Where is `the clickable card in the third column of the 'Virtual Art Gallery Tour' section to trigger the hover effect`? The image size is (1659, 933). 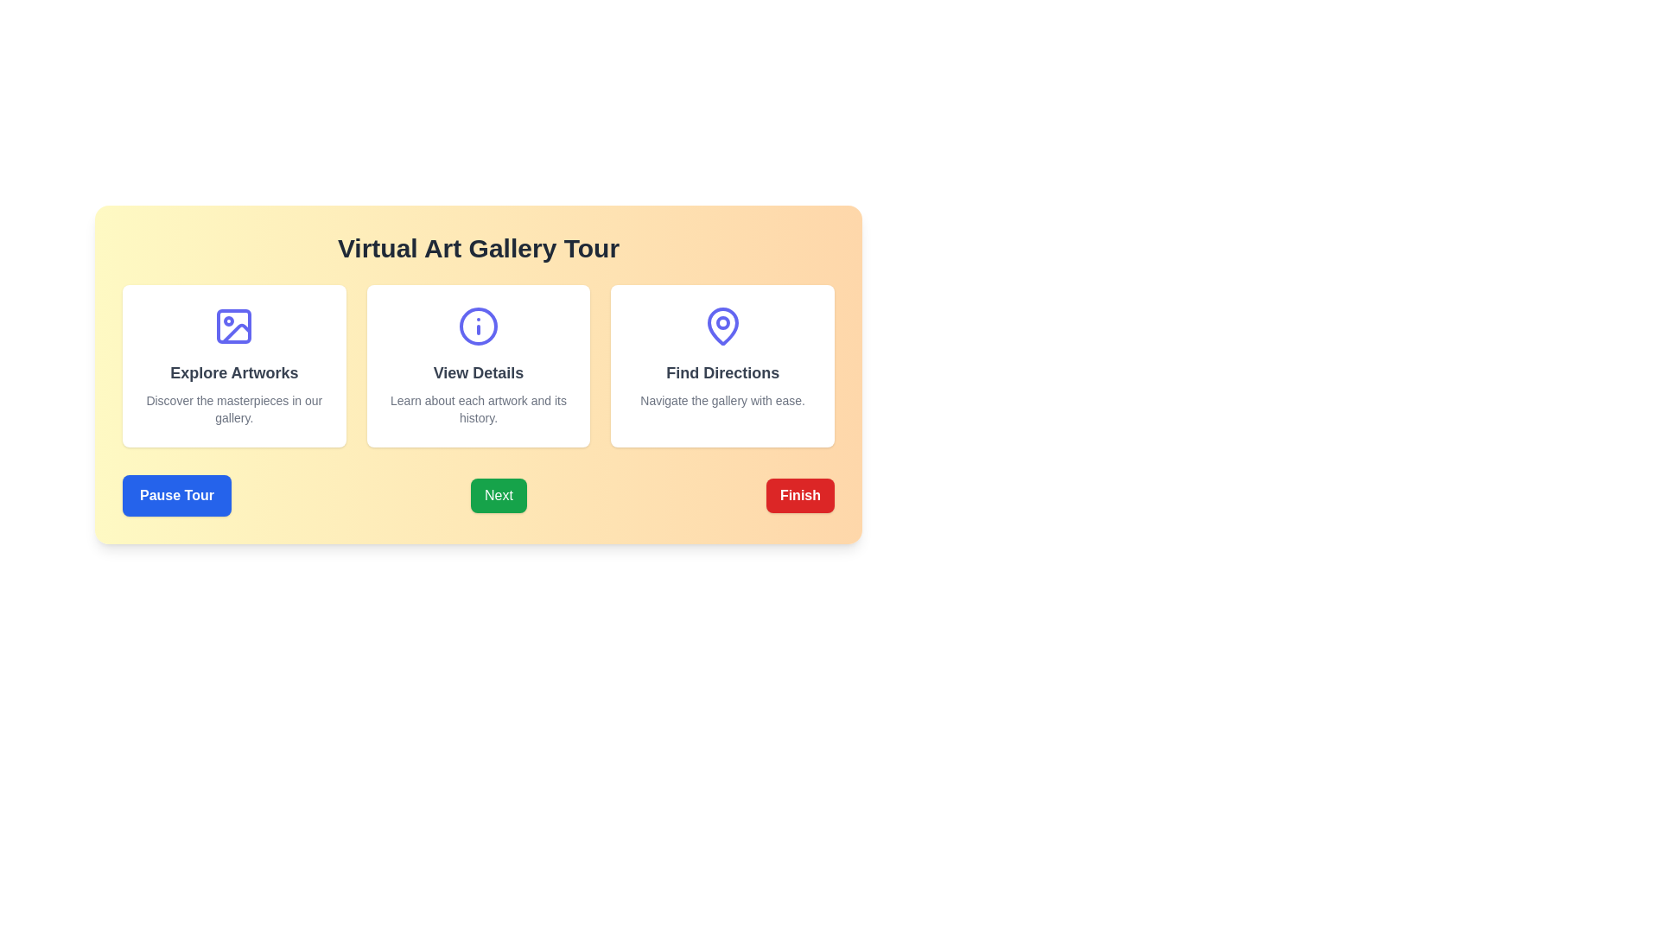
the clickable card in the third column of the 'Virtual Art Gallery Tour' section to trigger the hover effect is located at coordinates (722, 365).